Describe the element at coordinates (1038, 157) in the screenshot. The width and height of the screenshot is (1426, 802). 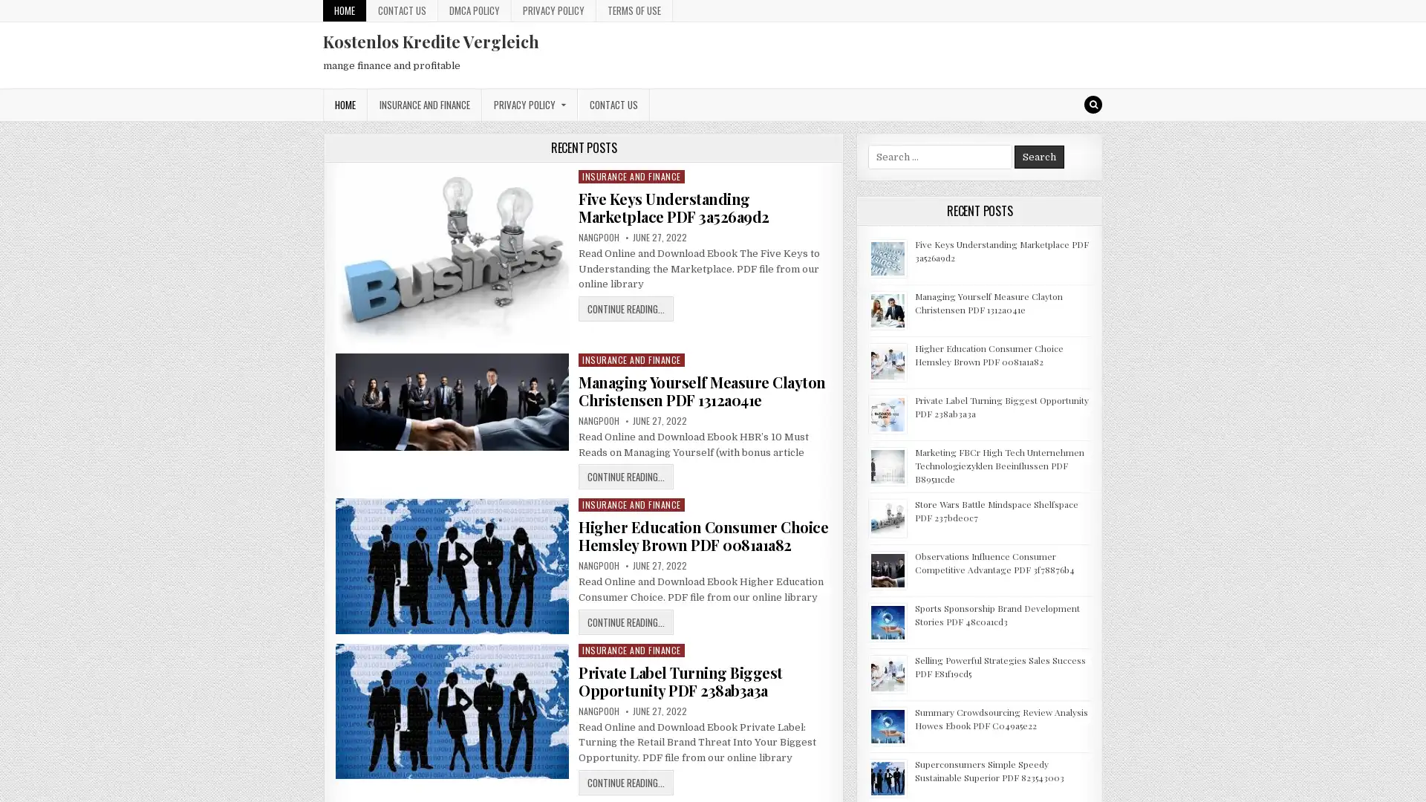
I see `Search` at that location.